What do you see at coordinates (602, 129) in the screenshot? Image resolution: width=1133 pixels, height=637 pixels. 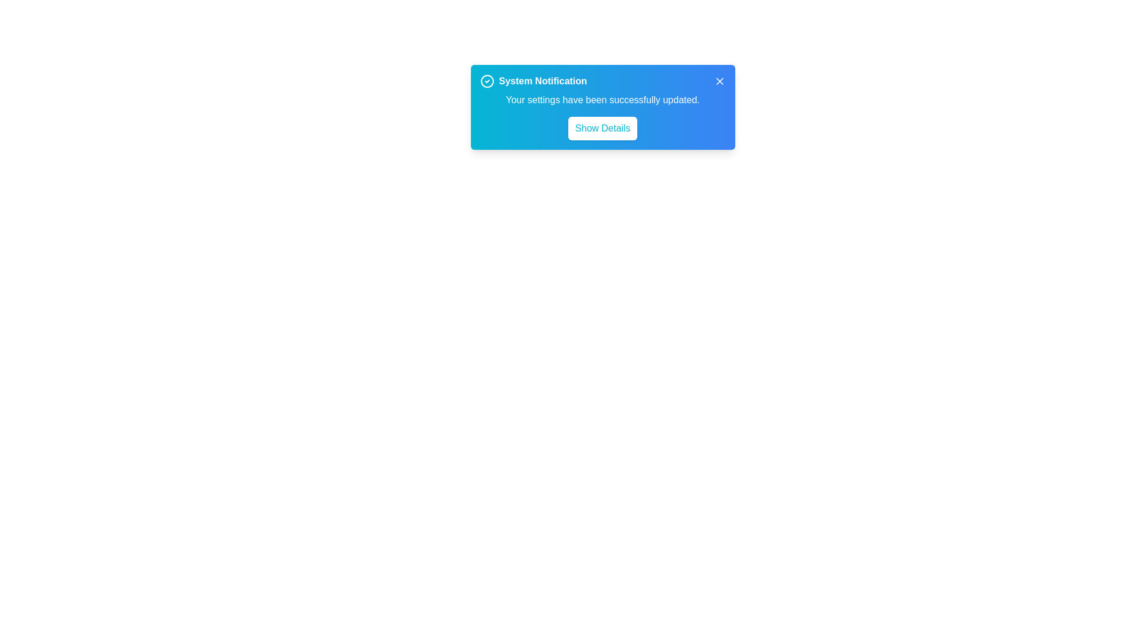 I see `the 'Show Details' button to toggle the visibility of additional details` at bounding box center [602, 129].